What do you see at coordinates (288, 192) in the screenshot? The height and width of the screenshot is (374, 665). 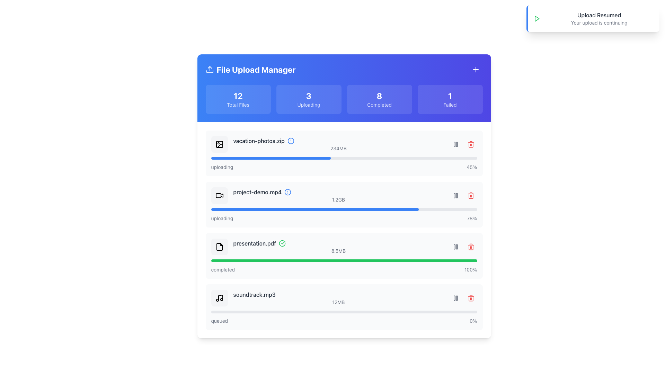 I see `the status indicator icon located next to the filename 'project-demo.mp4' in the second row of the file status list` at bounding box center [288, 192].